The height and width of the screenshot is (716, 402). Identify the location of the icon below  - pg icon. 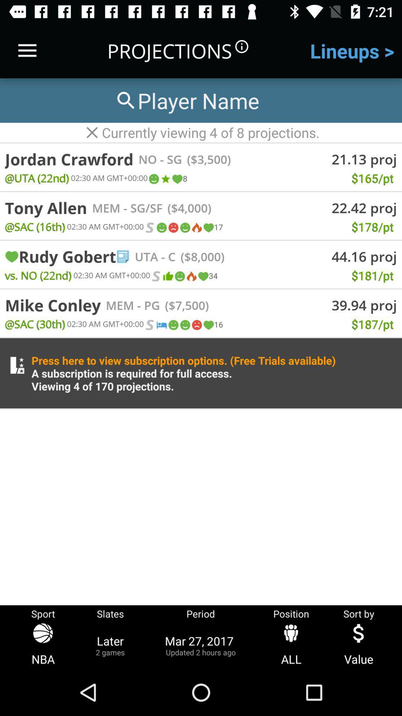
(161, 325).